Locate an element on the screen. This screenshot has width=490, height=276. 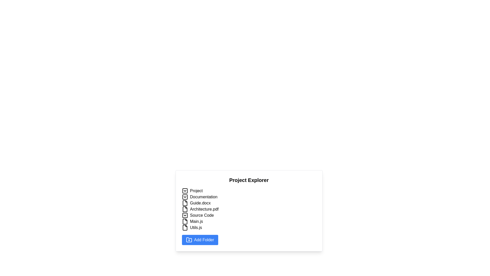
the downward-facing chevron icon button, which is enclosed within a square with rounded corners is located at coordinates (185, 191).